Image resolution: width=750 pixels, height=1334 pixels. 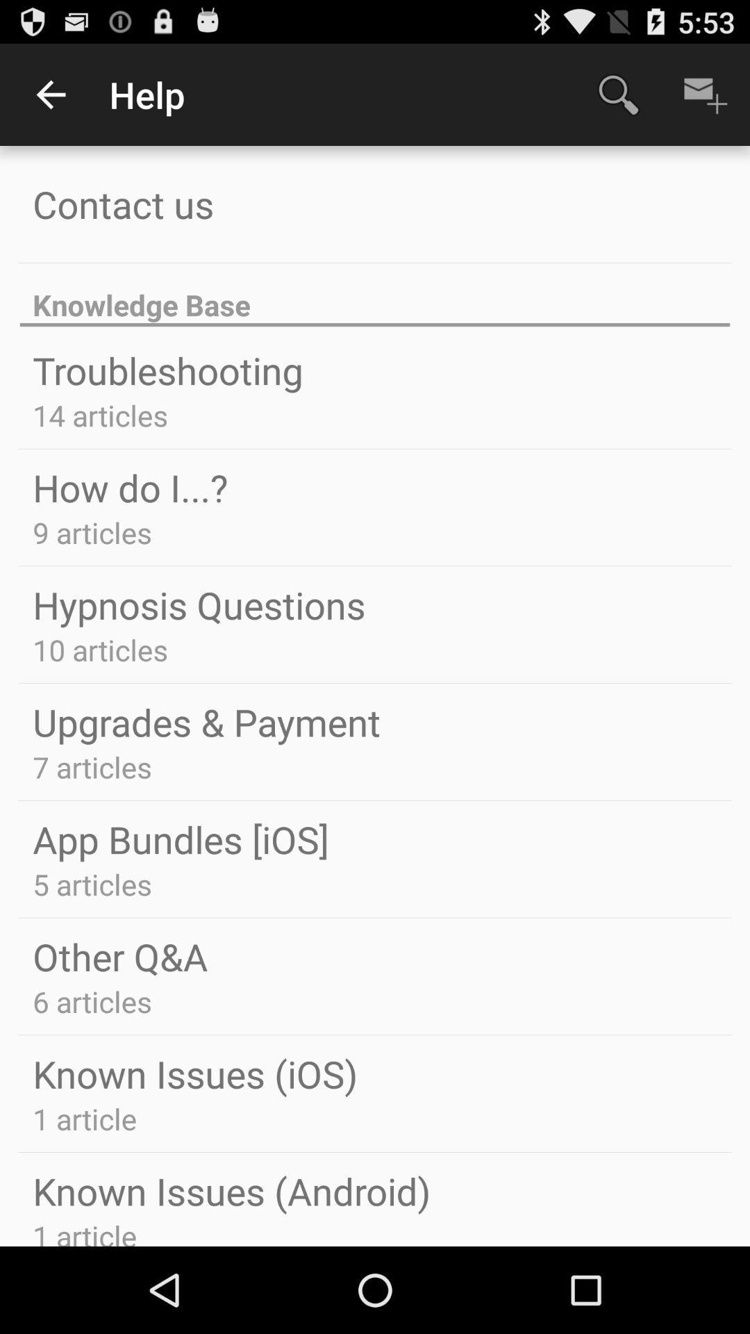 I want to click on icon next to the help app, so click(x=50, y=94).